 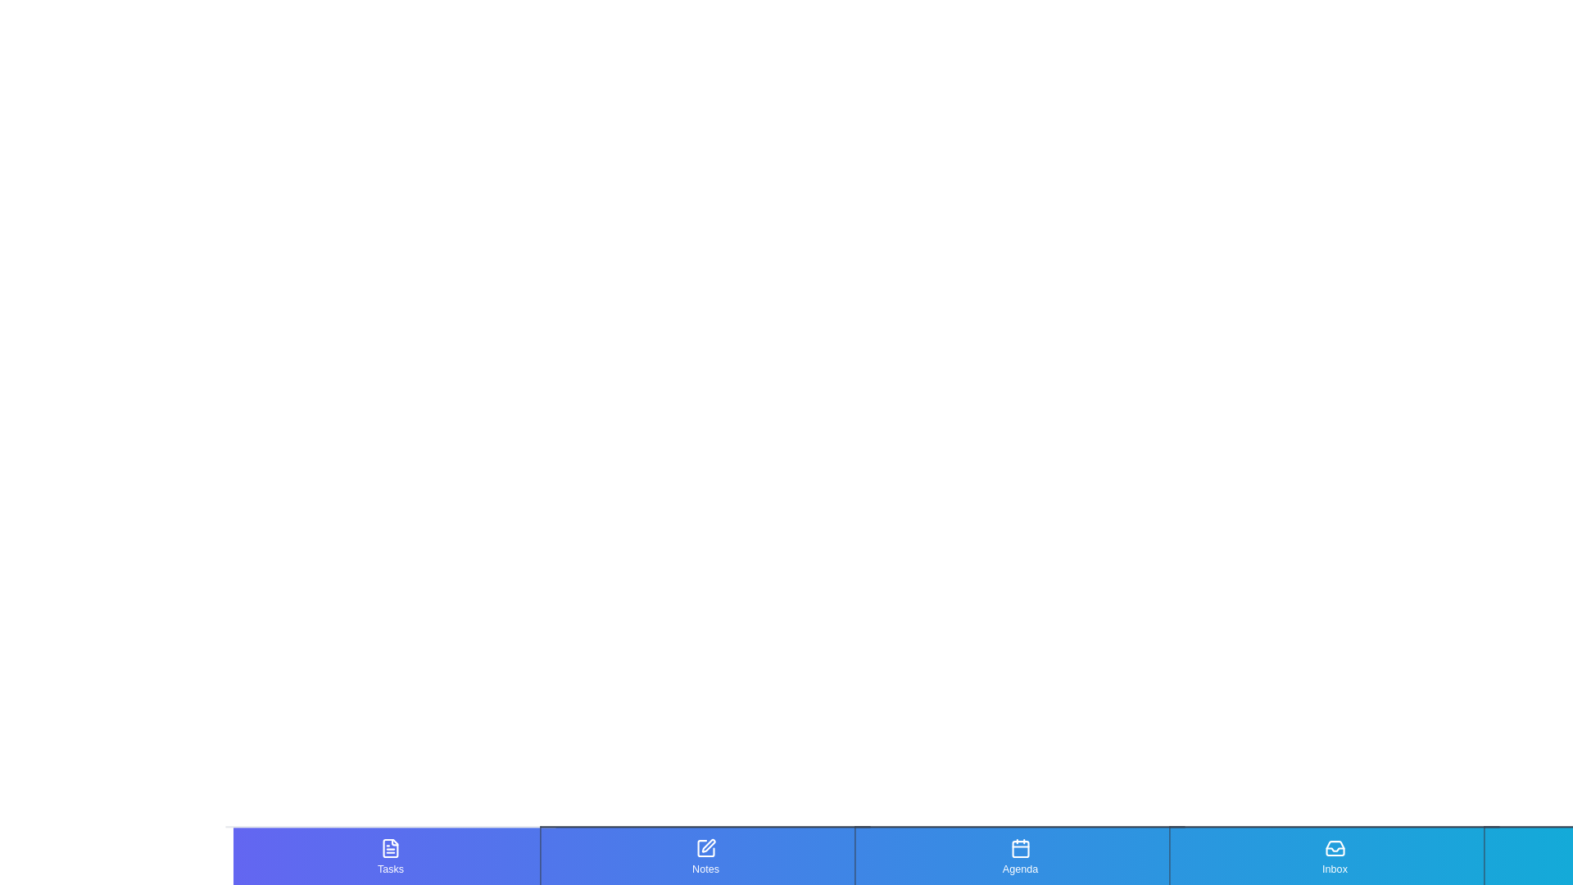 What do you see at coordinates (389, 855) in the screenshot?
I see `the button labeled Tasks to observe its hover effect` at bounding box center [389, 855].